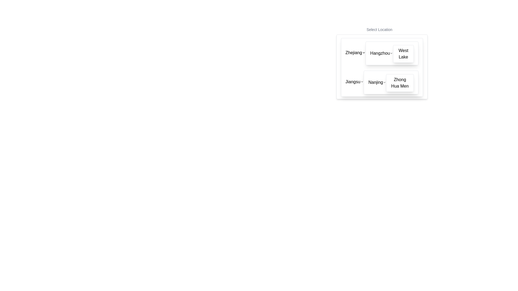  What do you see at coordinates (403, 54) in the screenshot?
I see `to select the 'West Lake' option displayed in a button-like component located at the top-right corner of a two-by-two grid layout` at bounding box center [403, 54].